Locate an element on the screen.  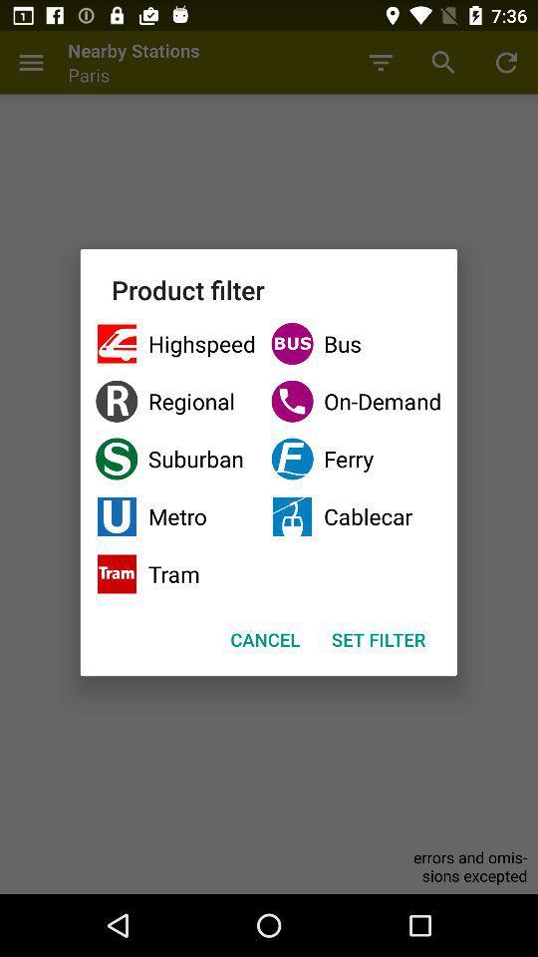
the item above the regional icon is located at coordinates (355, 344).